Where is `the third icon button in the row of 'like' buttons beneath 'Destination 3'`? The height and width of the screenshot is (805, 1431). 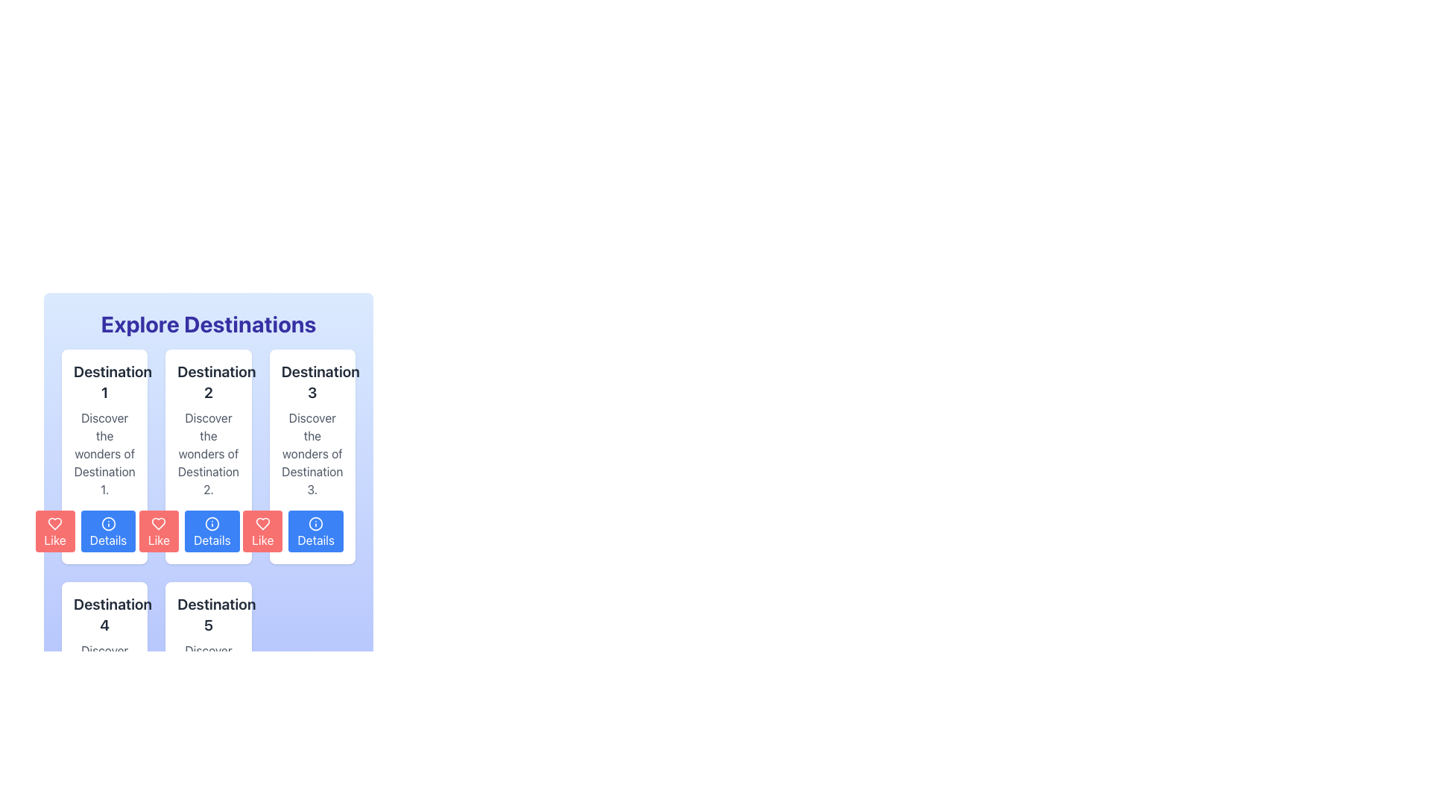
the third icon button in the row of 'like' buttons beneath 'Destination 3' is located at coordinates (55, 523).